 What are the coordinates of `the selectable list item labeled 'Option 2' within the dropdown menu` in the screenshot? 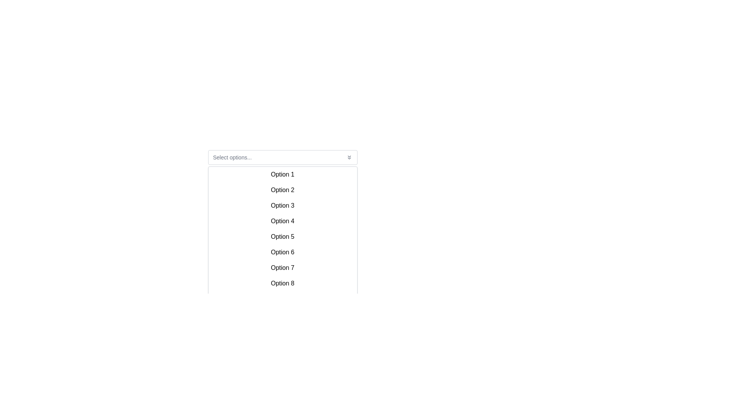 It's located at (282, 190).